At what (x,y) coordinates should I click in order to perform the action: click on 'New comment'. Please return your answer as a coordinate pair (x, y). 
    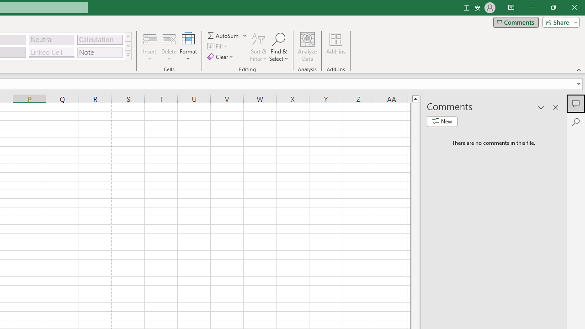
    Looking at the image, I should click on (442, 121).